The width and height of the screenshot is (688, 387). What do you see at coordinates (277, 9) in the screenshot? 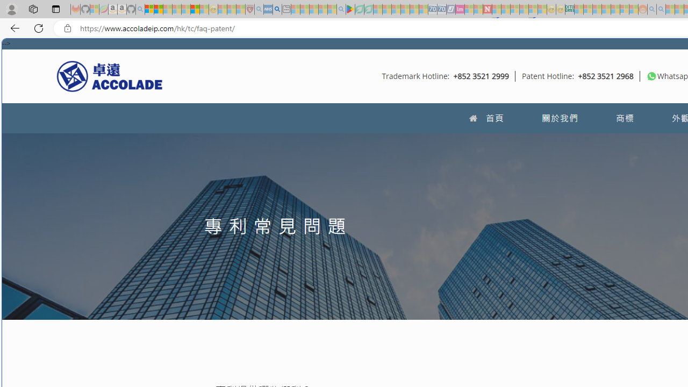
I see `'utah sues federal government - Search'` at bounding box center [277, 9].